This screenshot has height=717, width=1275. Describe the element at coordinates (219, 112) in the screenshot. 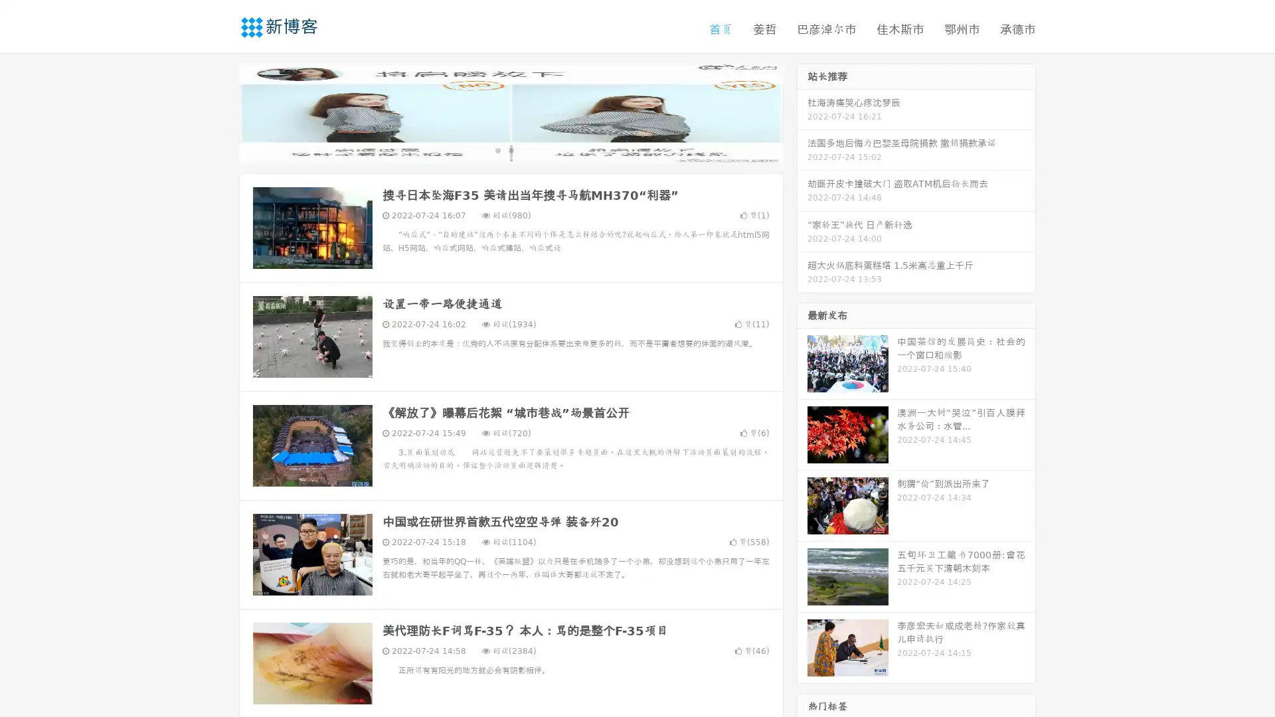

I see `Previous slide` at that location.